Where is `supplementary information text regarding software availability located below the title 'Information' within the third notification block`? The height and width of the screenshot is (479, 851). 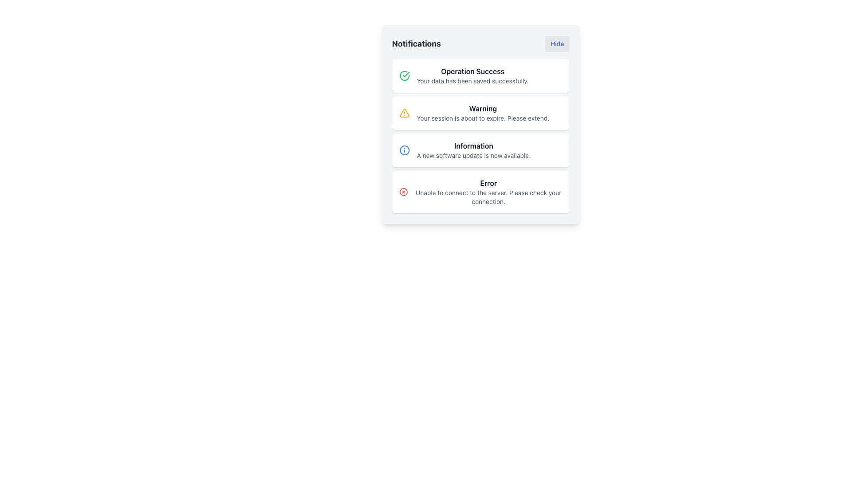
supplementary information text regarding software availability located below the title 'Information' within the third notification block is located at coordinates (473, 155).